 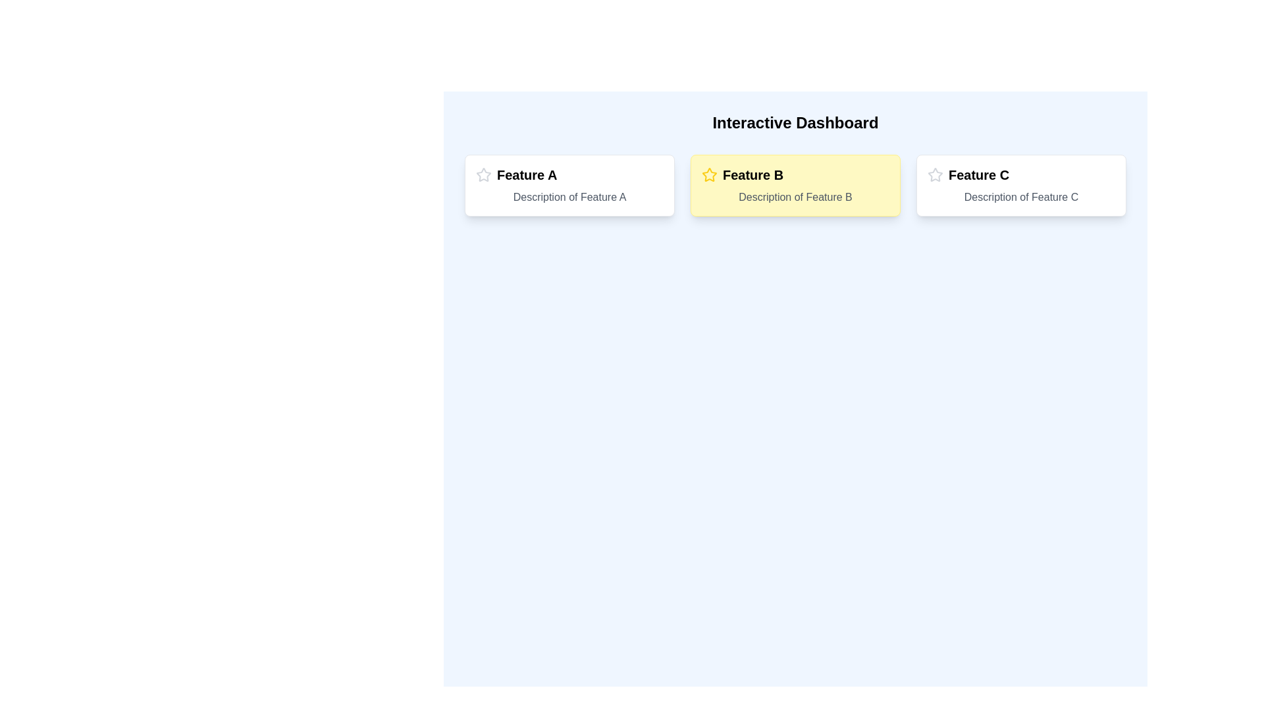 I want to click on the star icon located in the header of the 'Feature B' card, positioned near the left edge adjacent to the text 'Feature B', so click(x=934, y=174).